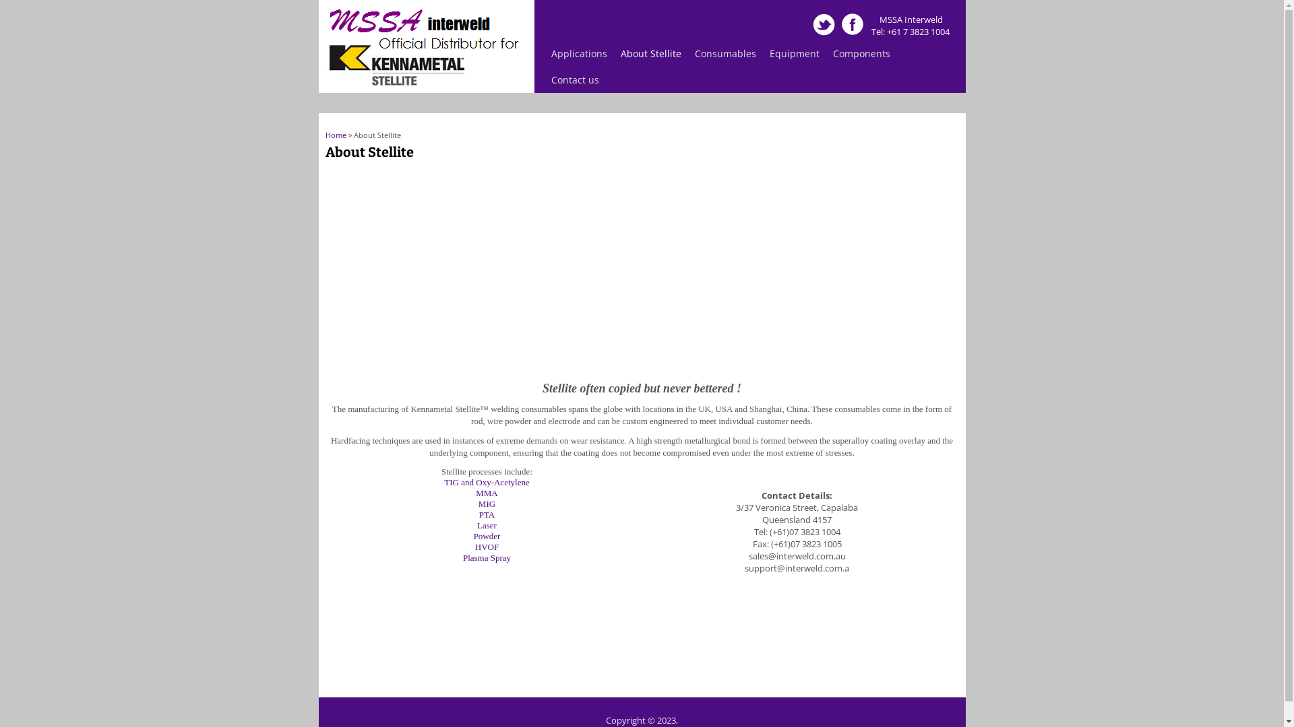 This screenshot has width=1294, height=727. Describe the element at coordinates (486, 524) in the screenshot. I see `'Laser'` at that location.